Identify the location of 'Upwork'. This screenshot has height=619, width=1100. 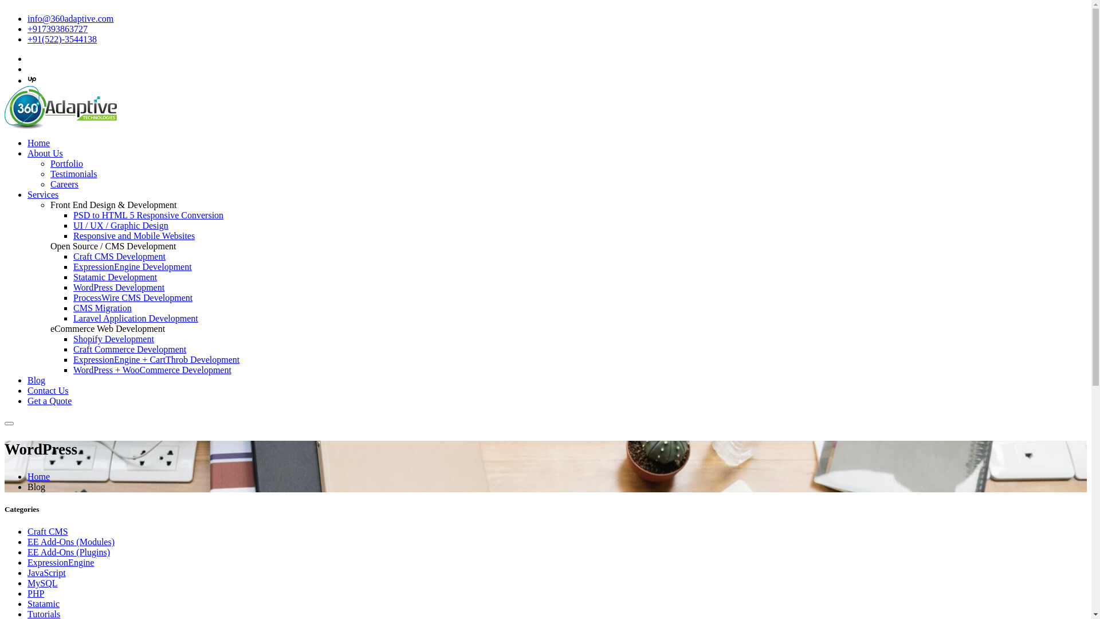
(32, 80).